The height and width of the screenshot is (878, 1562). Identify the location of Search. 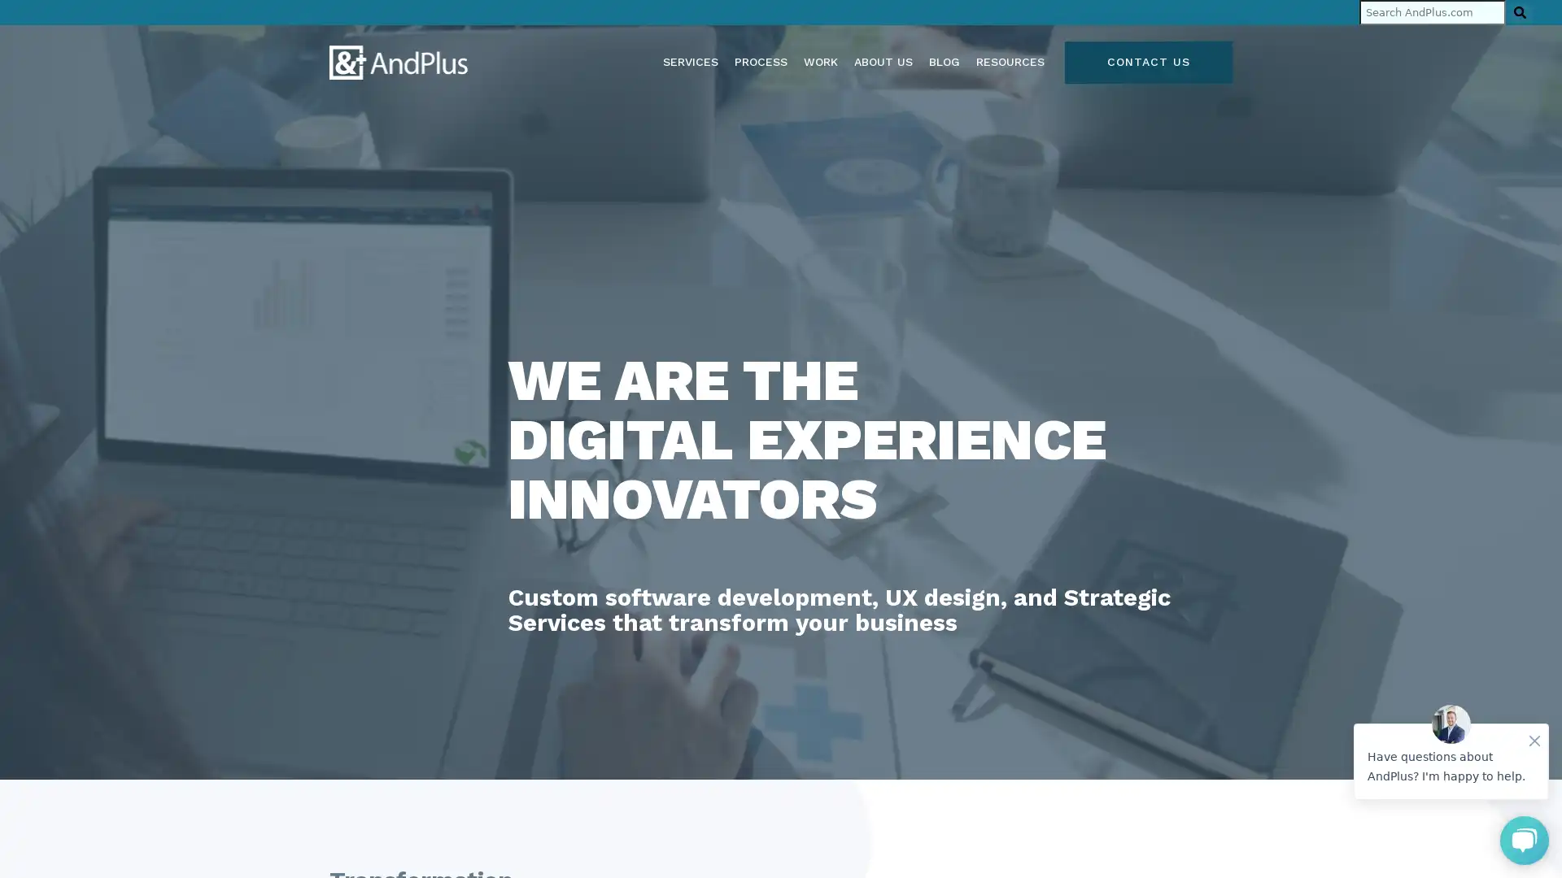
(1519, 12).